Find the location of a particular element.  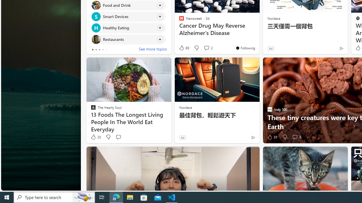

'View comments 2 Comment' is located at coordinates (208, 48).